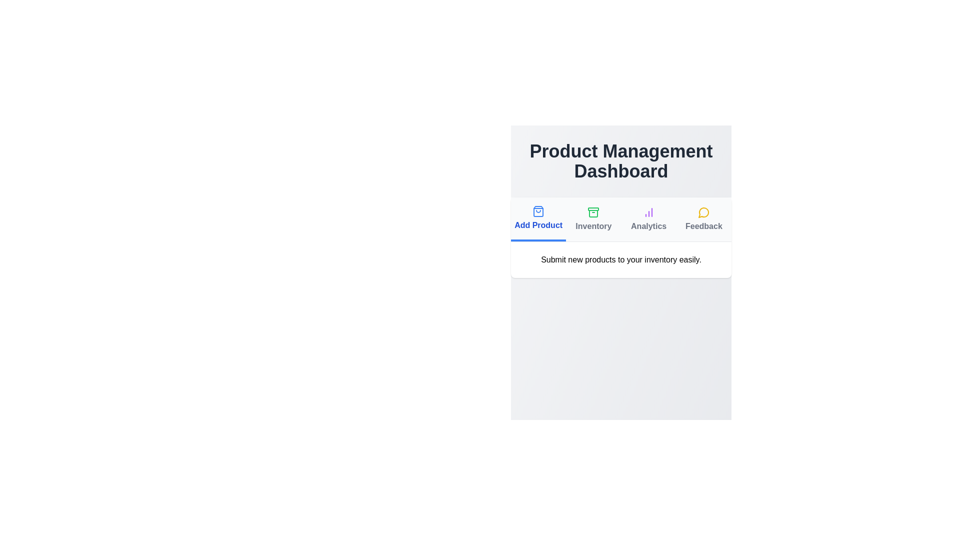  Describe the element at coordinates (593, 219) in the screenshot. I see `the second navigation button labeled 'Inventory' located under 'Product Management Dashboard'` at that location.